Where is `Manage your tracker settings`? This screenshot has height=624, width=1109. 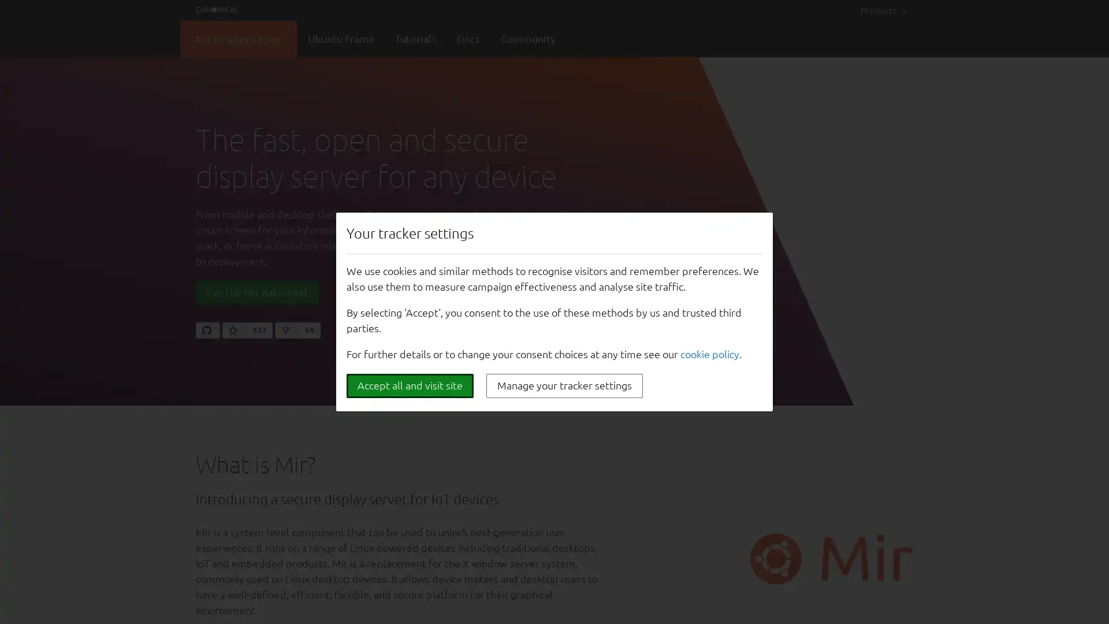
Manage your tracker settings is located at coordinates (564, 385).